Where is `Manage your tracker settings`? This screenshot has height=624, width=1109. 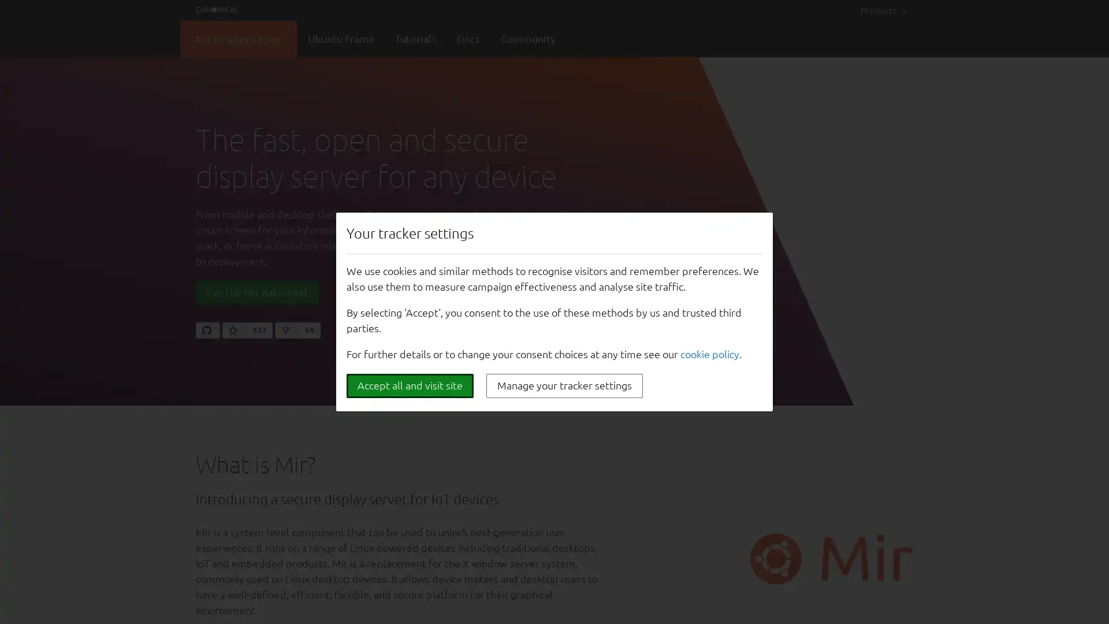
Manage your tracker settings is located at coordinates (564, 385).